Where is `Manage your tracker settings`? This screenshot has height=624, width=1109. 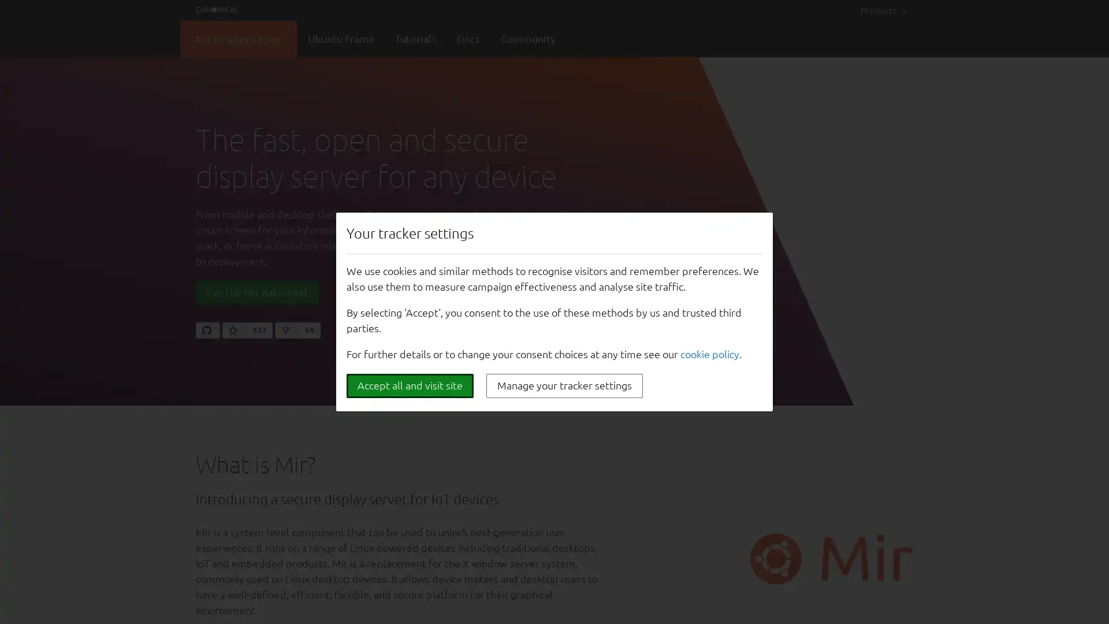
Manage your tracker settings is located at coordinates (564, 385).